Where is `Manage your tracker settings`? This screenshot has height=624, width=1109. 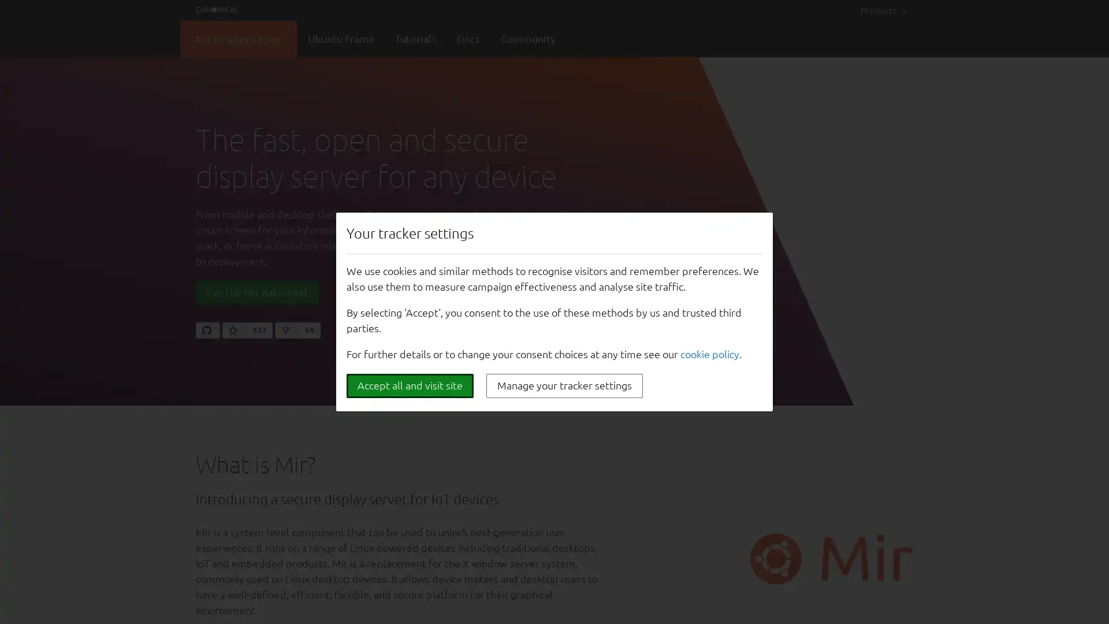
Manage your tracker settings is located at coordinates (564, 385).